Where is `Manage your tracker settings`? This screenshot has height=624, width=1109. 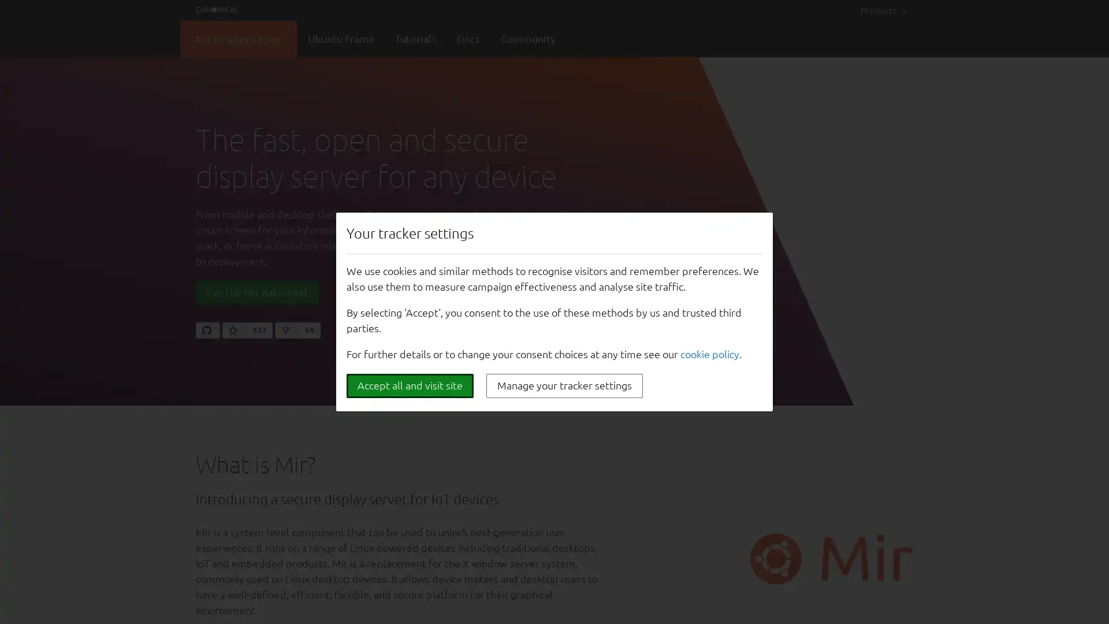
Manage your tracker settings is located at coordinates (564, 385).